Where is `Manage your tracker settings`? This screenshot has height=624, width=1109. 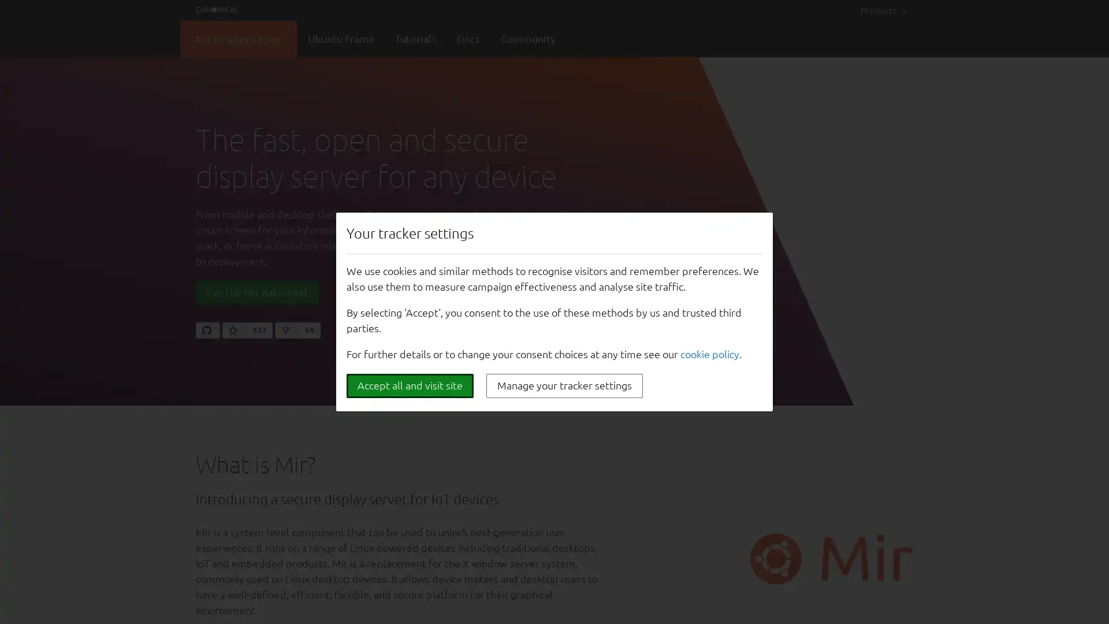
Manage your tracker settings is located at coordinates (564, 385).